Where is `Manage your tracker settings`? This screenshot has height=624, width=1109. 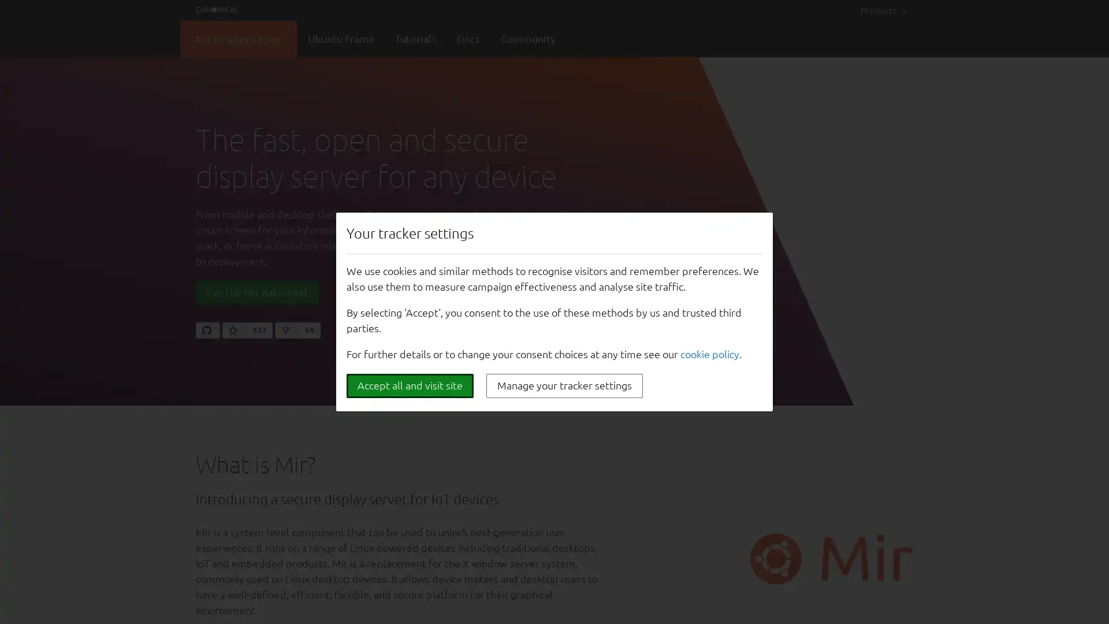
Manage your tracker settings is located at coordinates (564, 385).